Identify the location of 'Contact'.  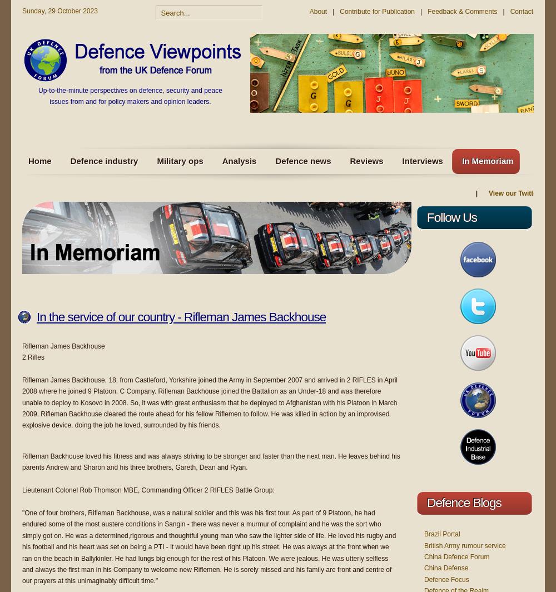
(510, 11).